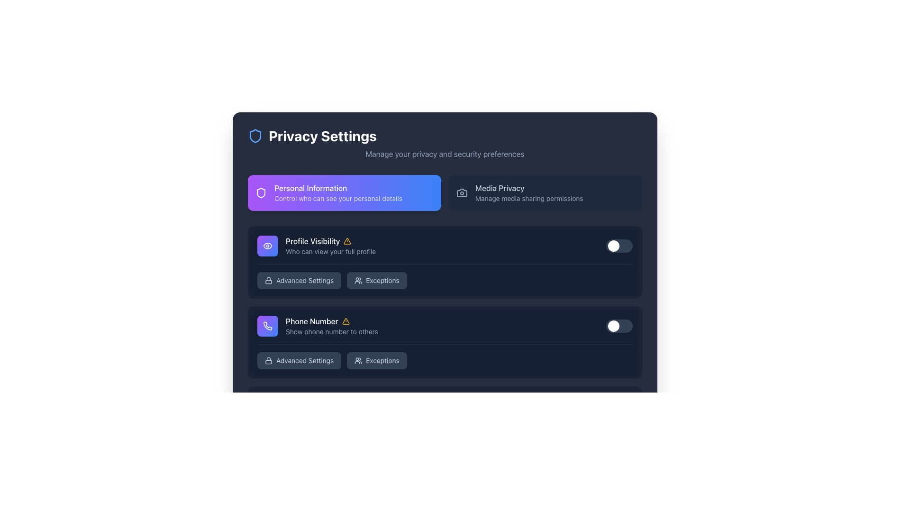 This screenshot has height=512, width=910. What do you see at coordinates (267, 325) in the screenshot?
I see `the phone-related settings icon located near the 'Phone Number' label in the privacy settings interface` at bounding box center [267, 325].